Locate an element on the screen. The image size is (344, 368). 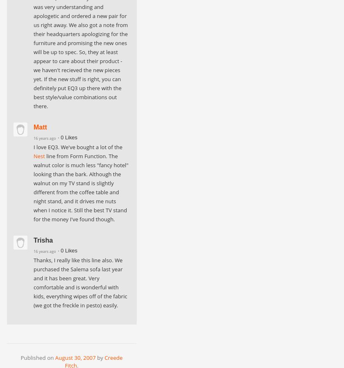
'Matt' is located at coordinates (40, 127).